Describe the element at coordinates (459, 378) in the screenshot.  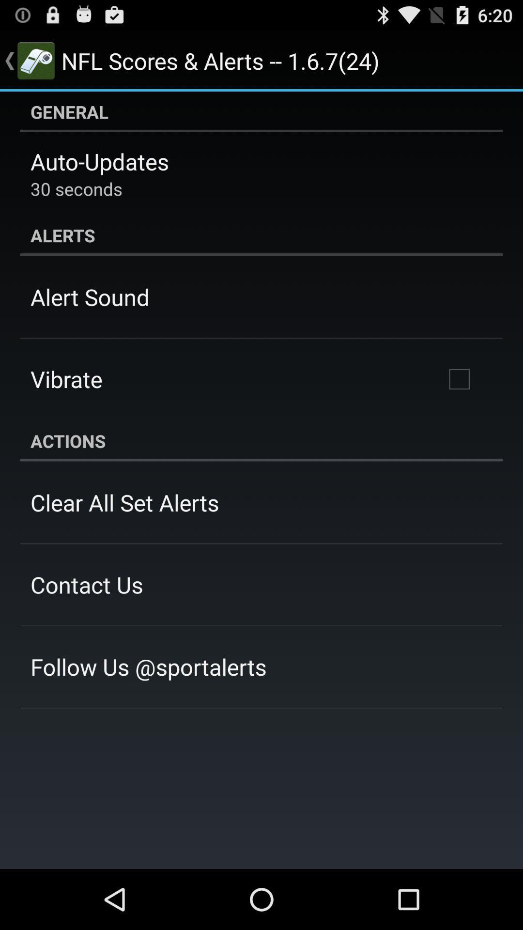
I see `the icon on the right` at that location.